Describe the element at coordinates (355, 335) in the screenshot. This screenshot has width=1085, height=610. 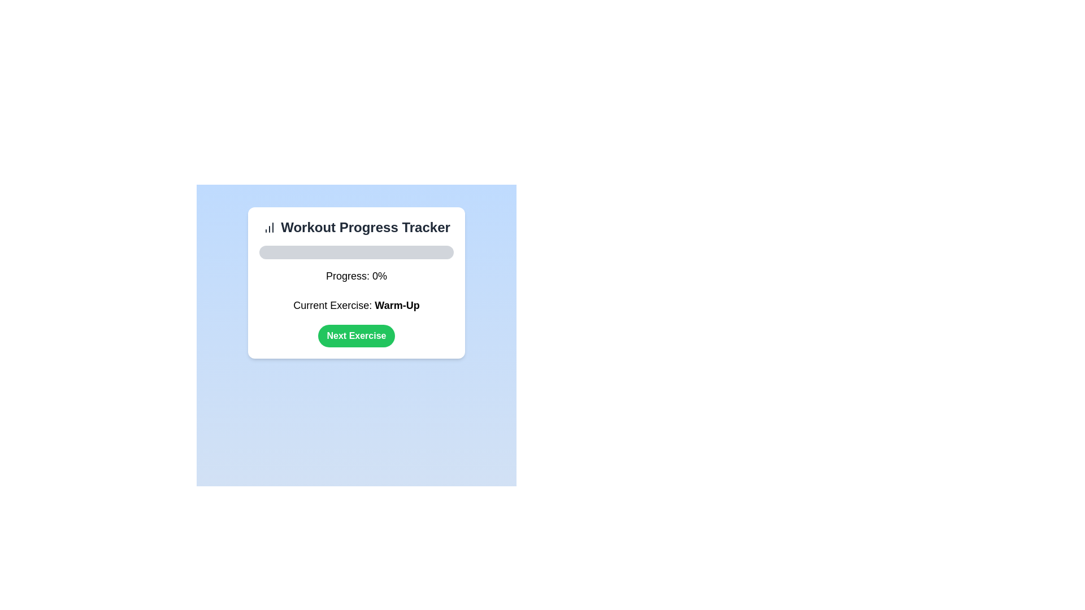
I see `the navigation button located centrally at the bottom of the 'Current Exercise: Warm-Up' section` at that location.